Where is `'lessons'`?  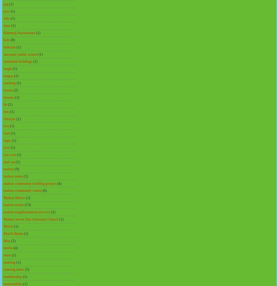
'lessons' is located at coordinates (3, 97).